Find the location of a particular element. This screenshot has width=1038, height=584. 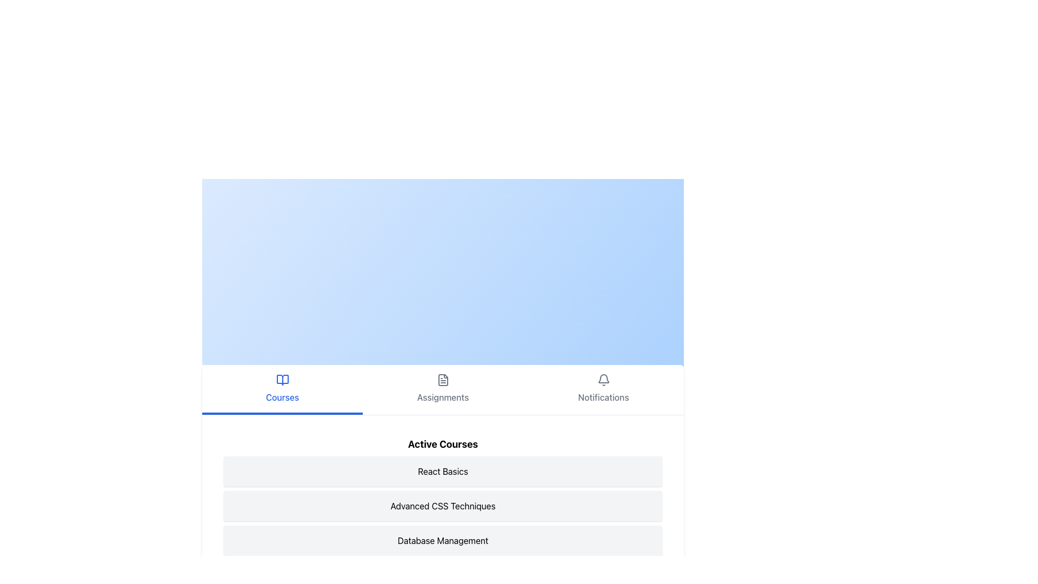

the 'Advanced CSS Techniques' card item in the 'Active Courses' section is located at coordinates (443, 496).